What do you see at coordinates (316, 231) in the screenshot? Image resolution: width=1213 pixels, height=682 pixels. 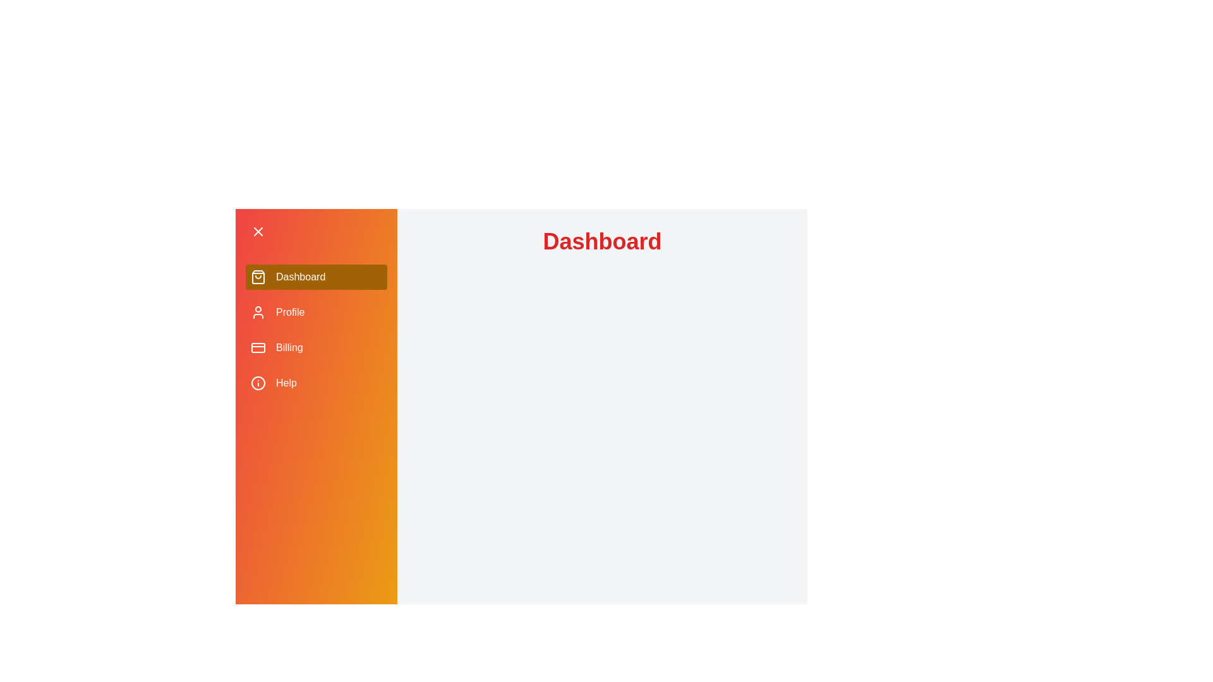 I see `the toggle button to toggle the drawer open or closed` at bounding box center [316, 231].